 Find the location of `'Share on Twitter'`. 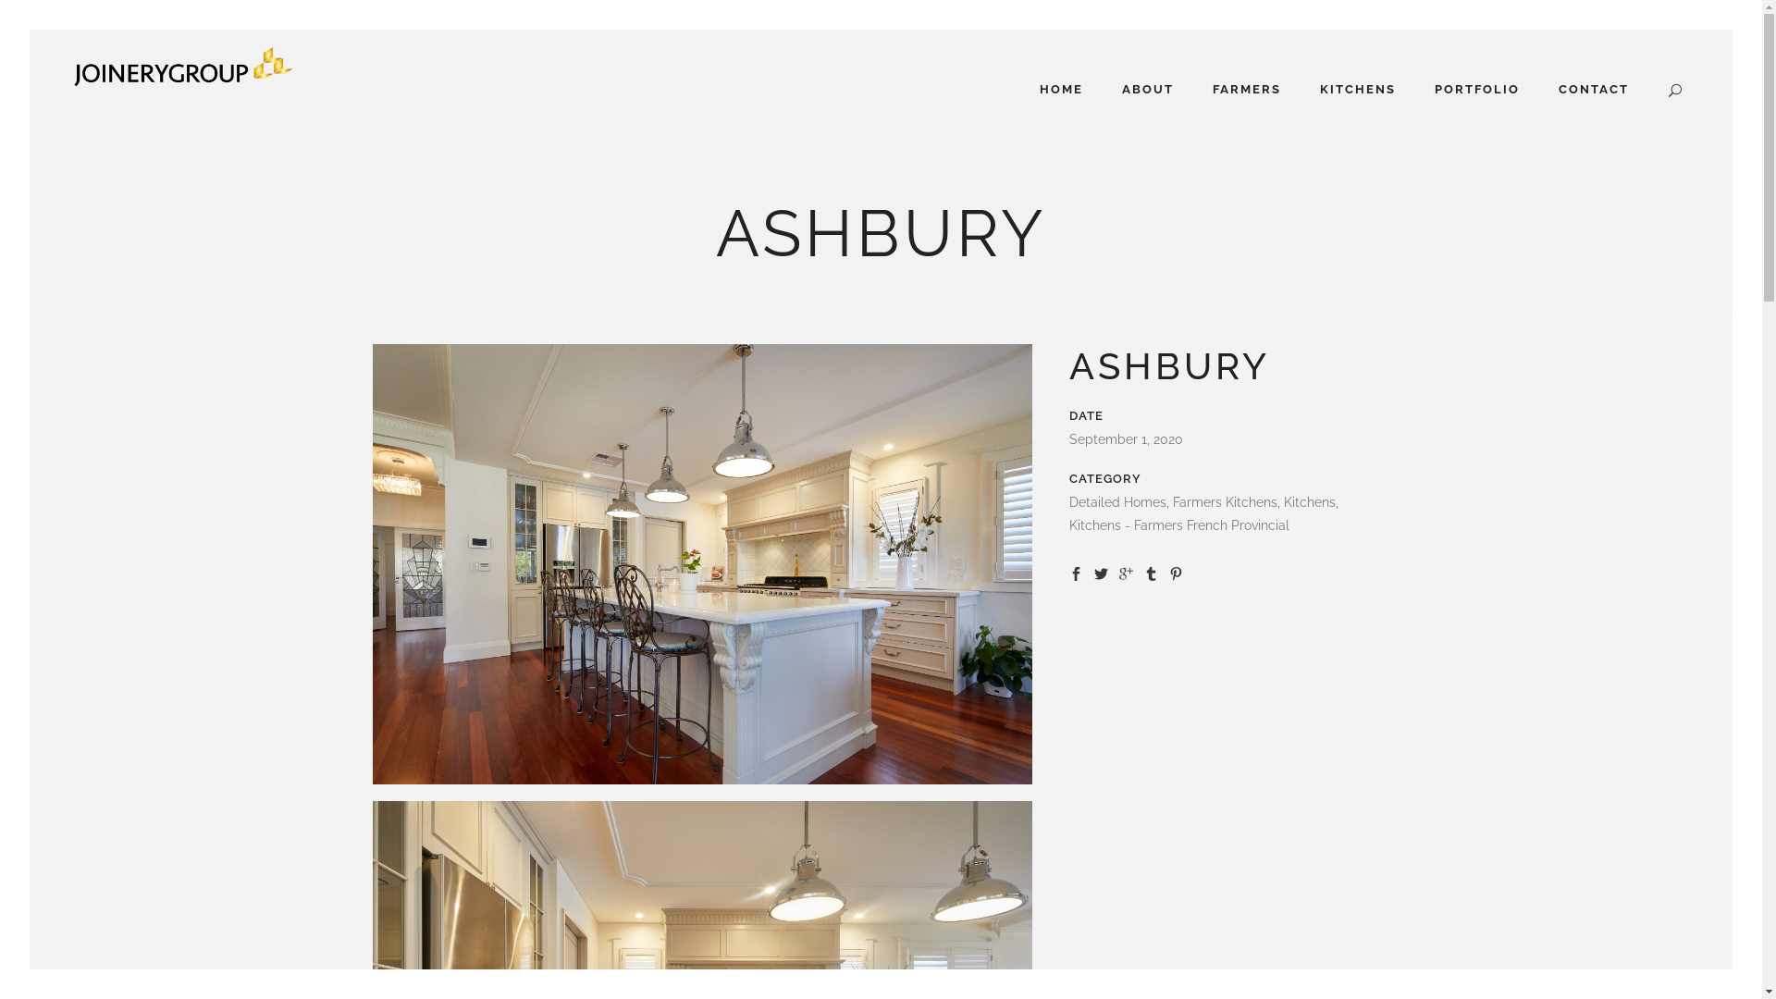

'Share on Twitter' is located at coordinates (1101, 571).